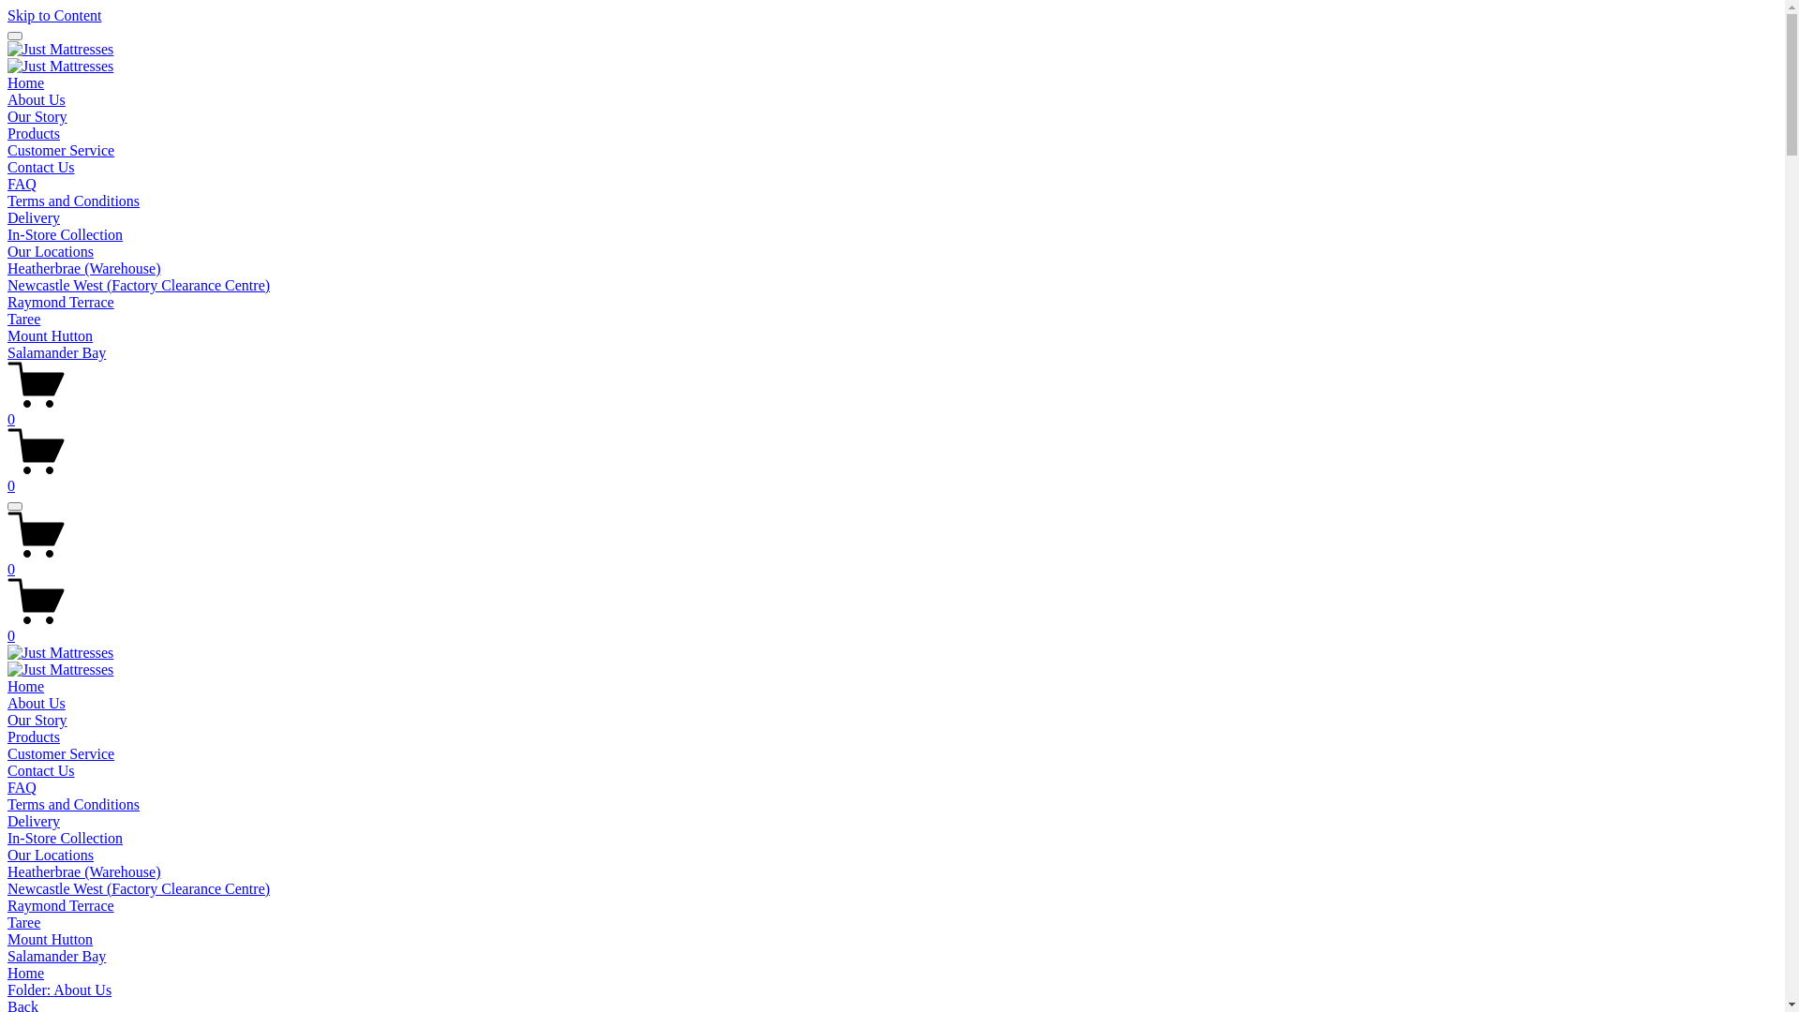 The image size is (1799, 1012). I want to click on 'Products', so click(33, 736).